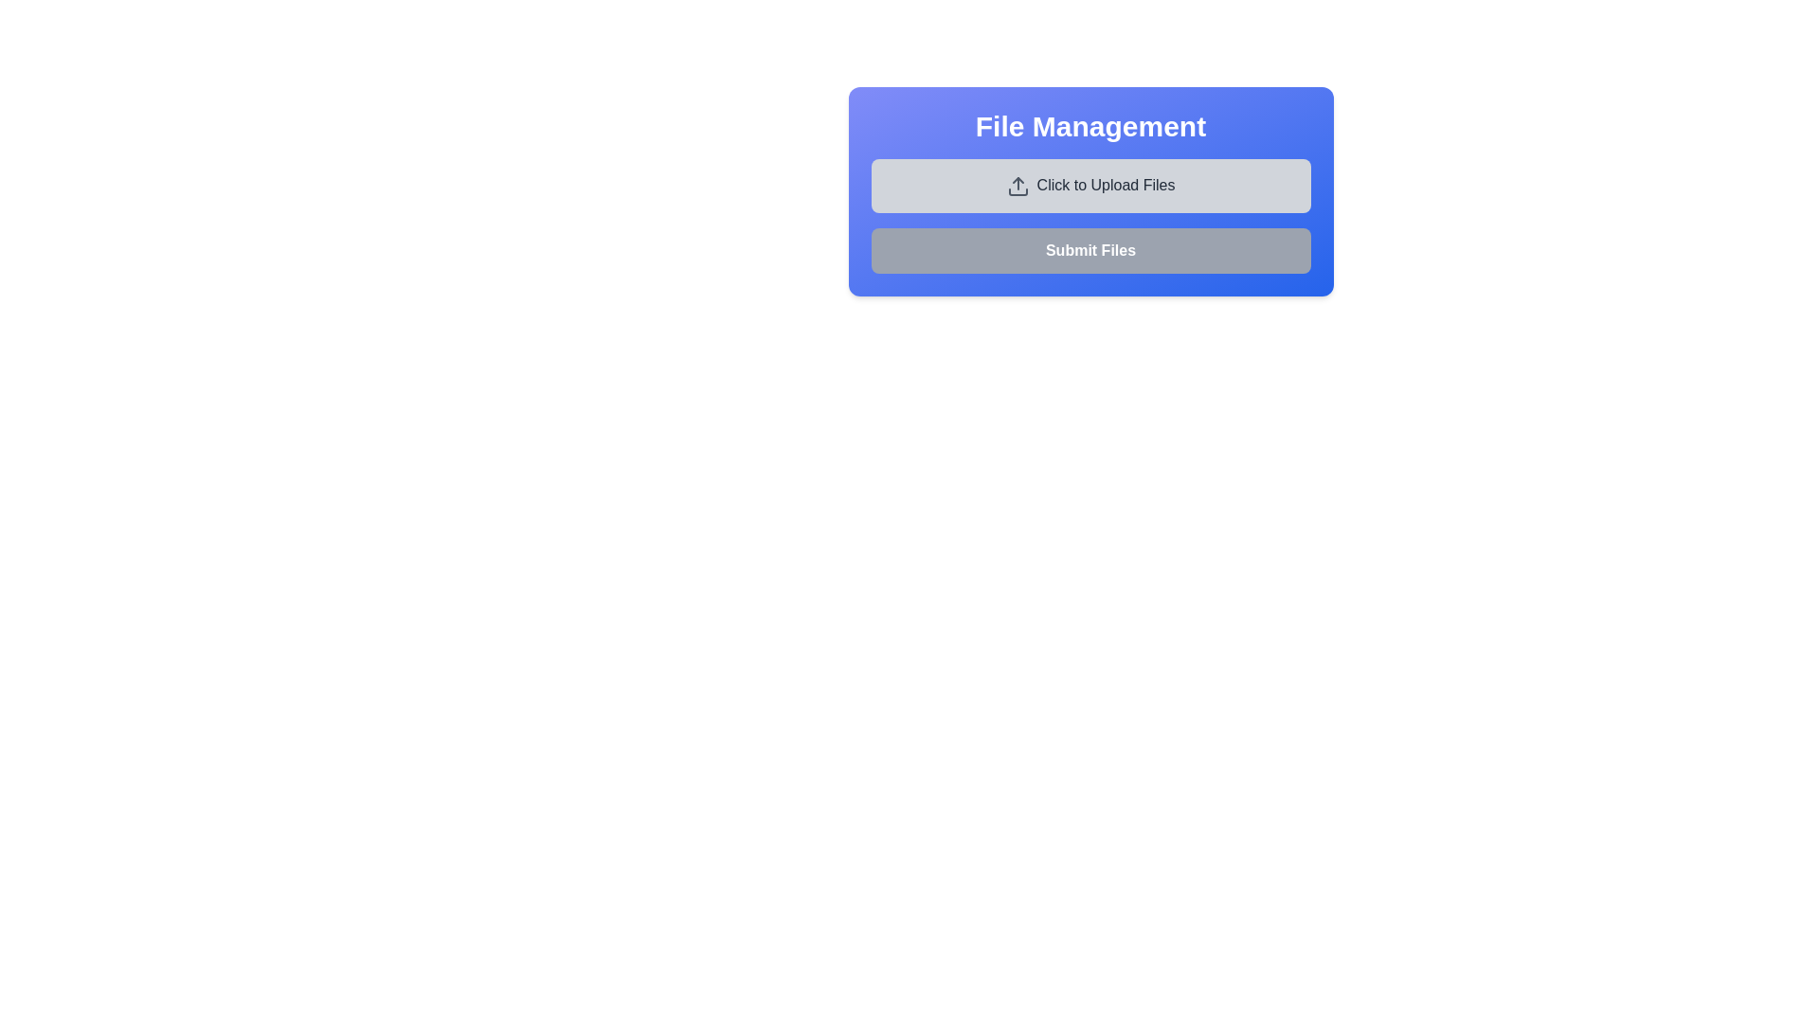 The width and height of the screenshot is (1819, 1023). What do you see at coordinates (1106, 185) in the screenshot?
I see `the static text display that reads 'Click to Upload Files', which is styled in a dark font and is located in the middle section of the file management interface` at bounding box center [1106, 185].